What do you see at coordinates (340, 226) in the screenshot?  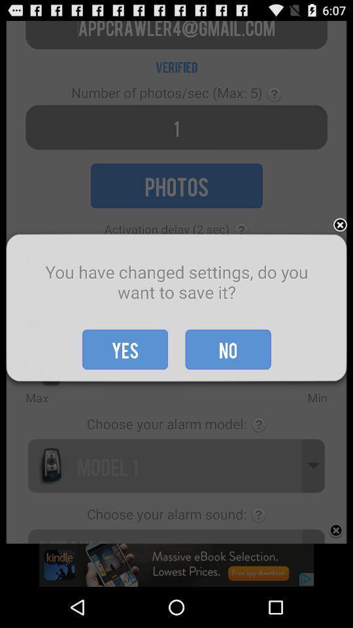 I see `exit out` at bounding box center [340, 226].